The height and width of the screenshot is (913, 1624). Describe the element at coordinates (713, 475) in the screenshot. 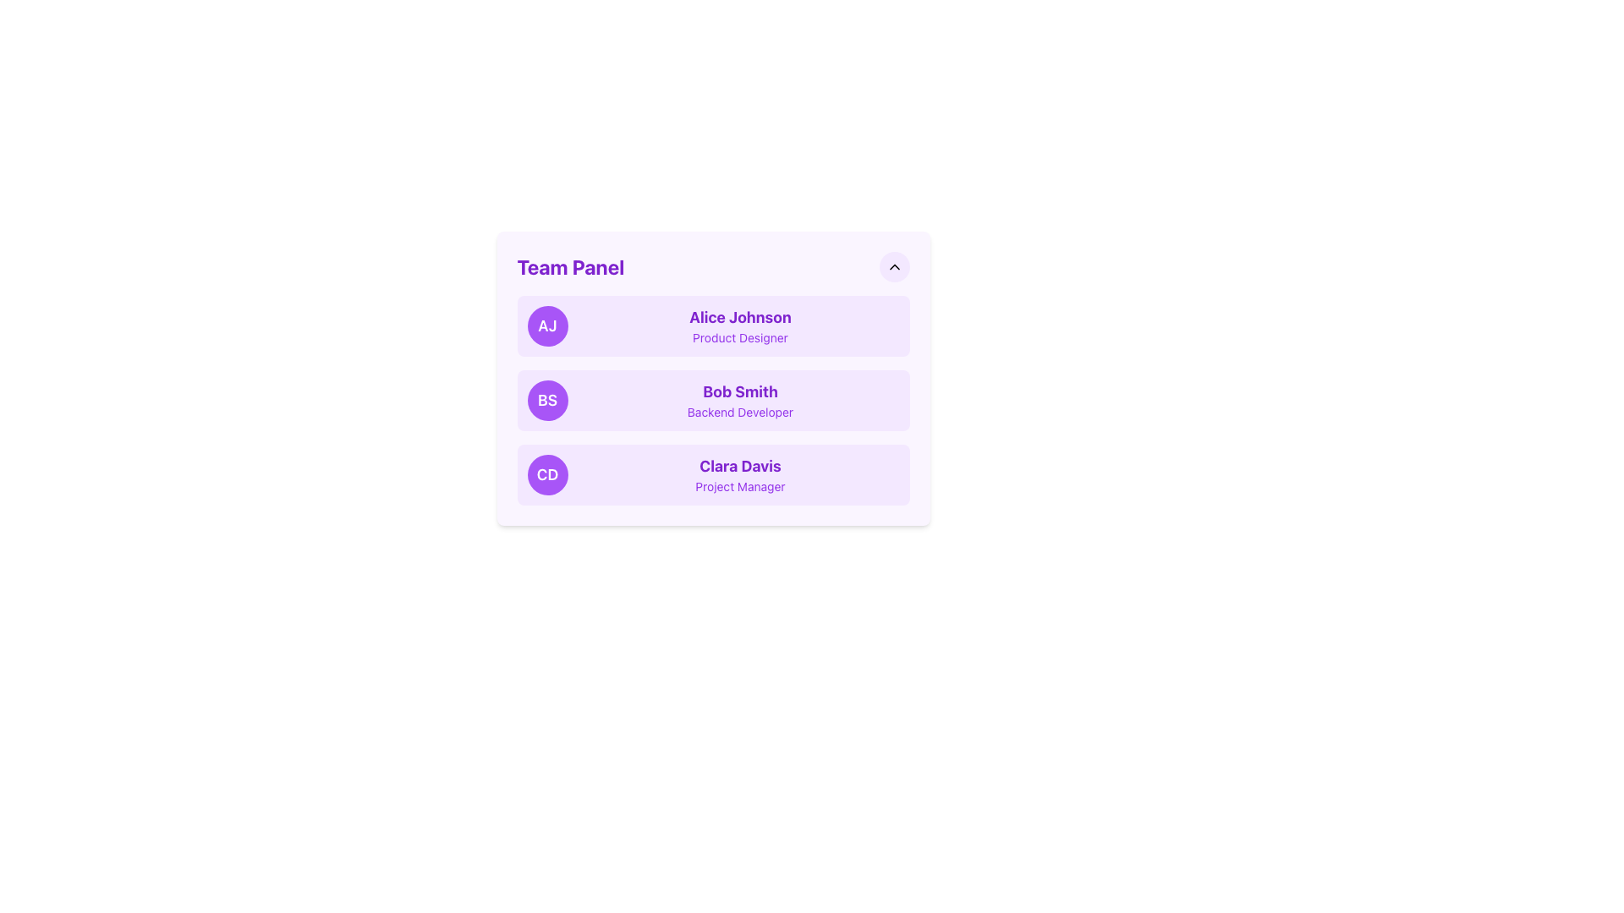

I see `the Profile card featuring initials 'CD' in white text and the name 'Clara Davis' in bold purple, located directly below the card for 'Bob Smith'` at that location.